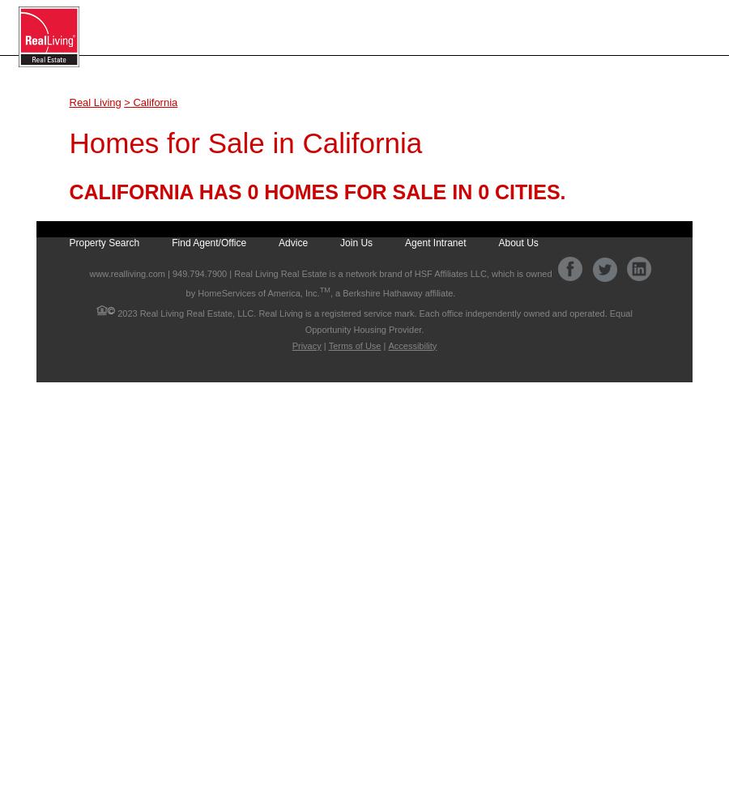  What do you see at coordinates (172, 273) in the screenshot?
I see `'949.794.7900'` at bounding box center [172, 273].